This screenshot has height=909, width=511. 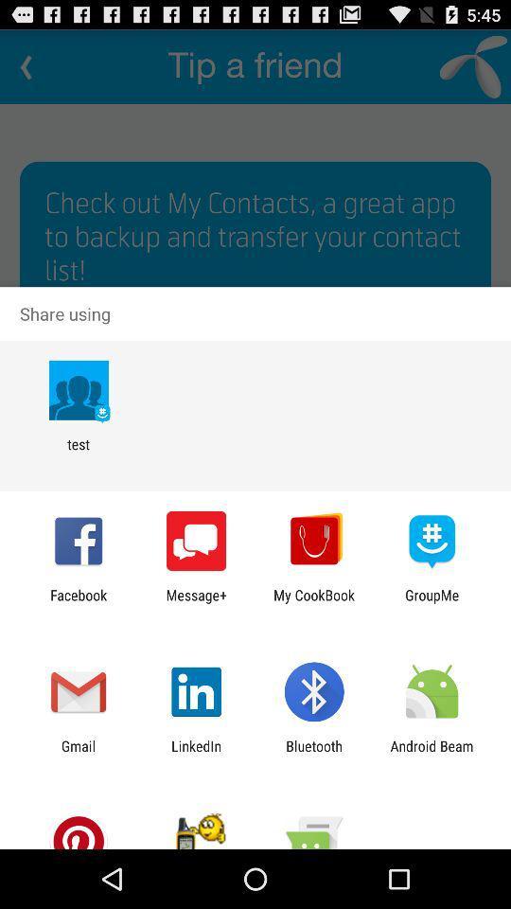 I want to click on item to the right of message+ icon, so click(x=314, y=602).